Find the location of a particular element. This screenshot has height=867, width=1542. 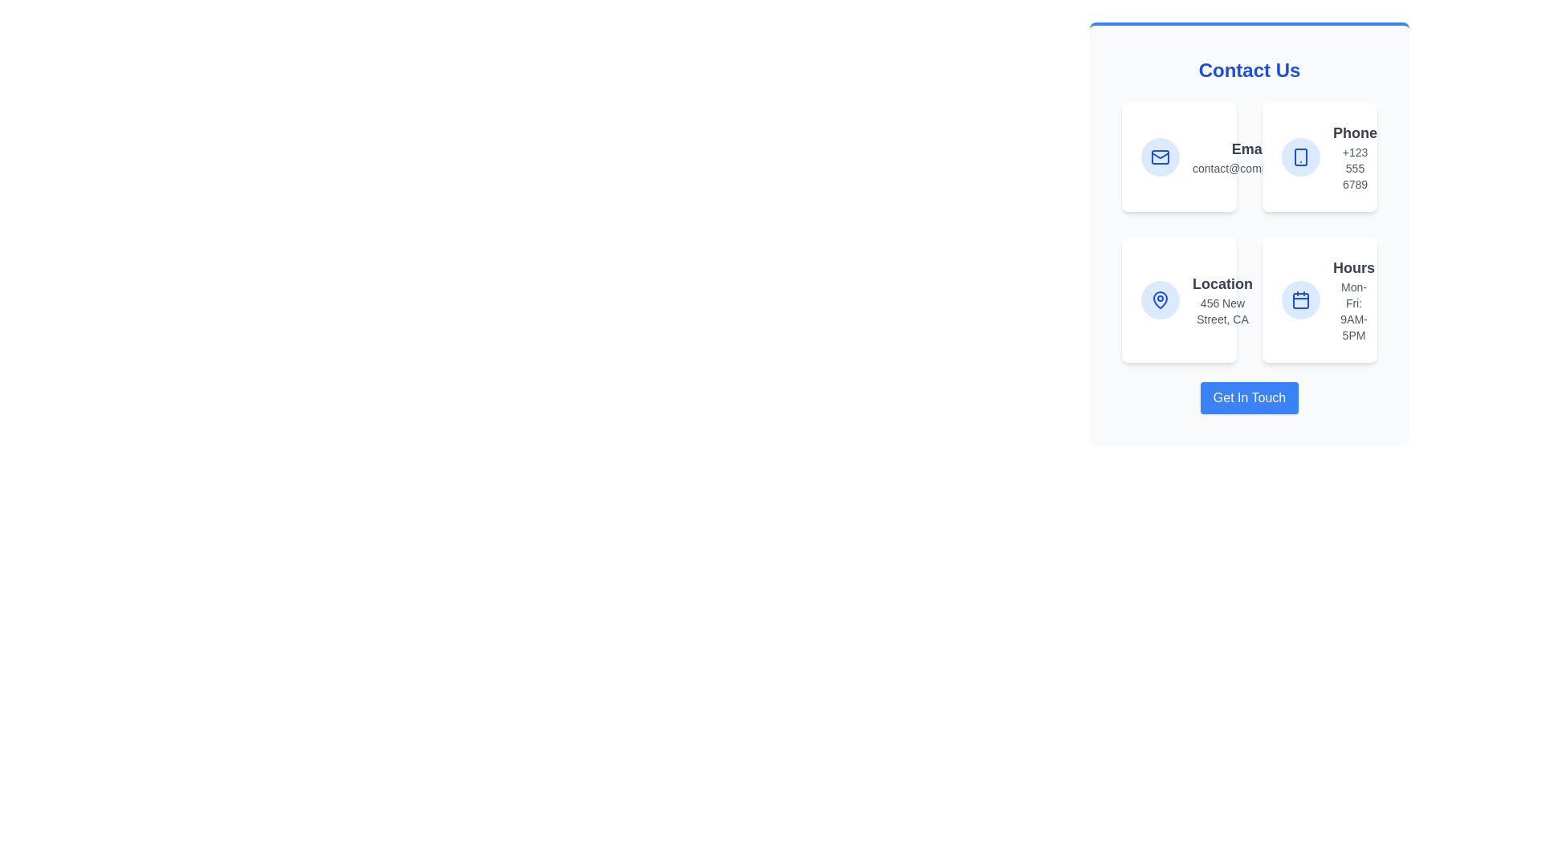

the email icon located in the upper-left position of the first card in the 'Contact Us' section, which visually accompanies the text labeled 'Email' is located at coordinates (1160, 157).